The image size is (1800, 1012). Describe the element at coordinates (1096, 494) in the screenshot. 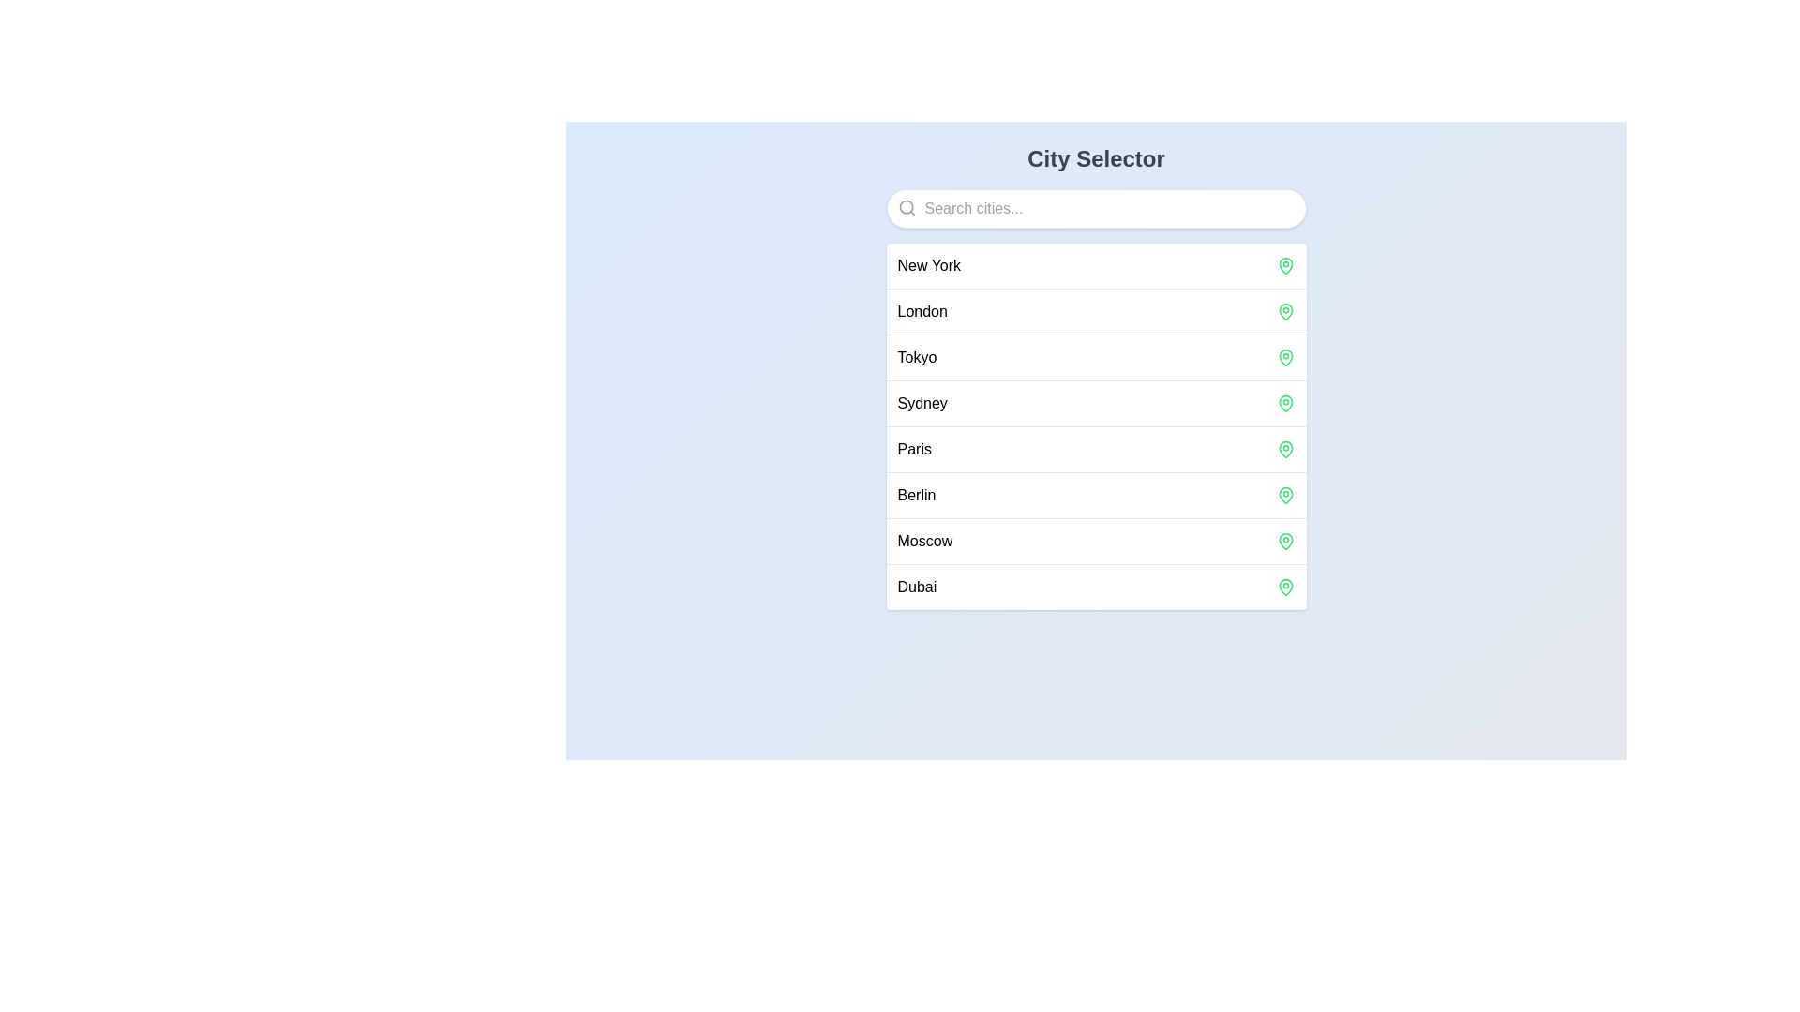

I see `the list item for 'Berlin', which is the sixth entry in a city selector menu` at that location.